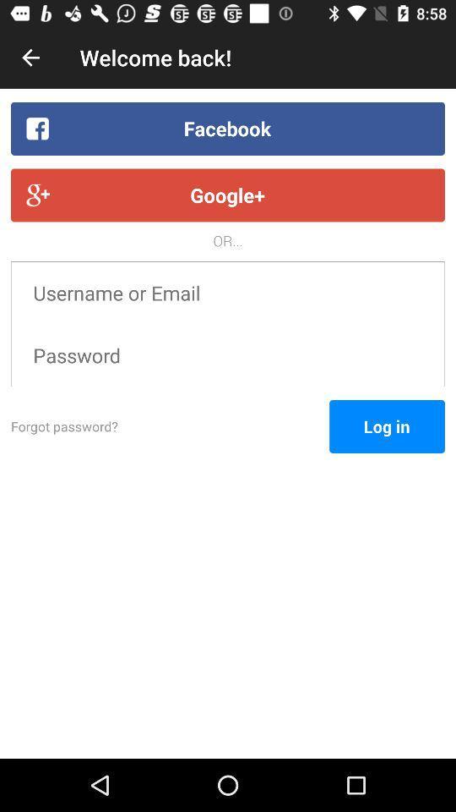  Describe the element at coordinates (228, 195) in the screenshot. I see `the icon below the facebook item` at that location.